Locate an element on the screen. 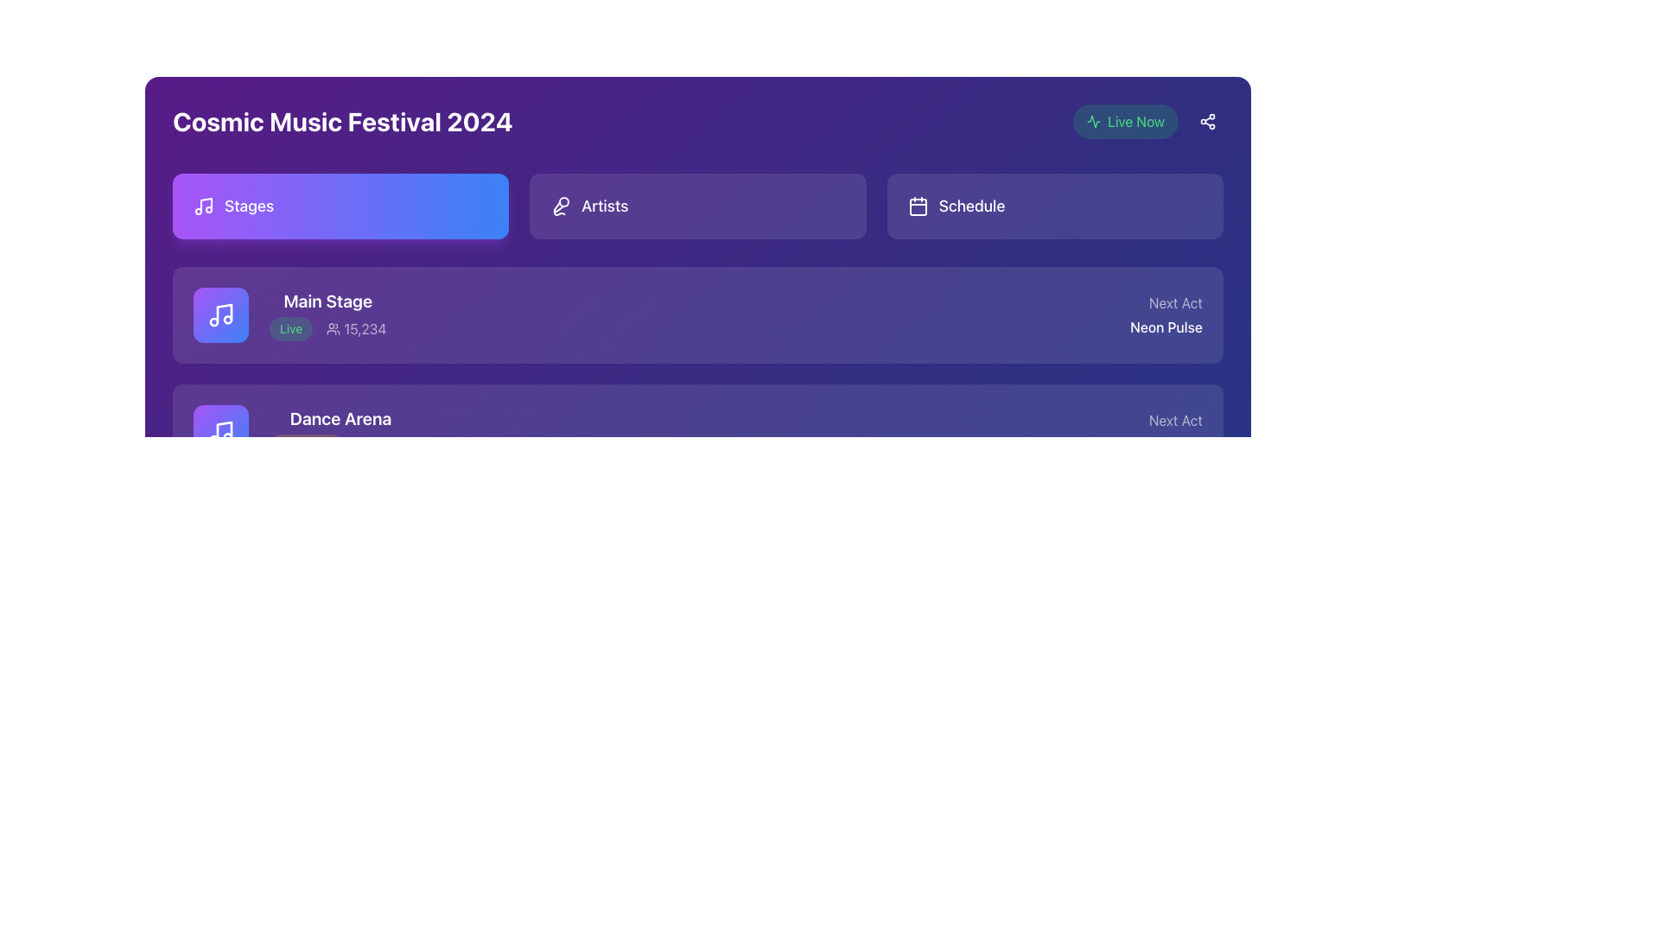  the music note icon, which is an outline drawing in white against a gradient background is located at coordinates (219, 432).